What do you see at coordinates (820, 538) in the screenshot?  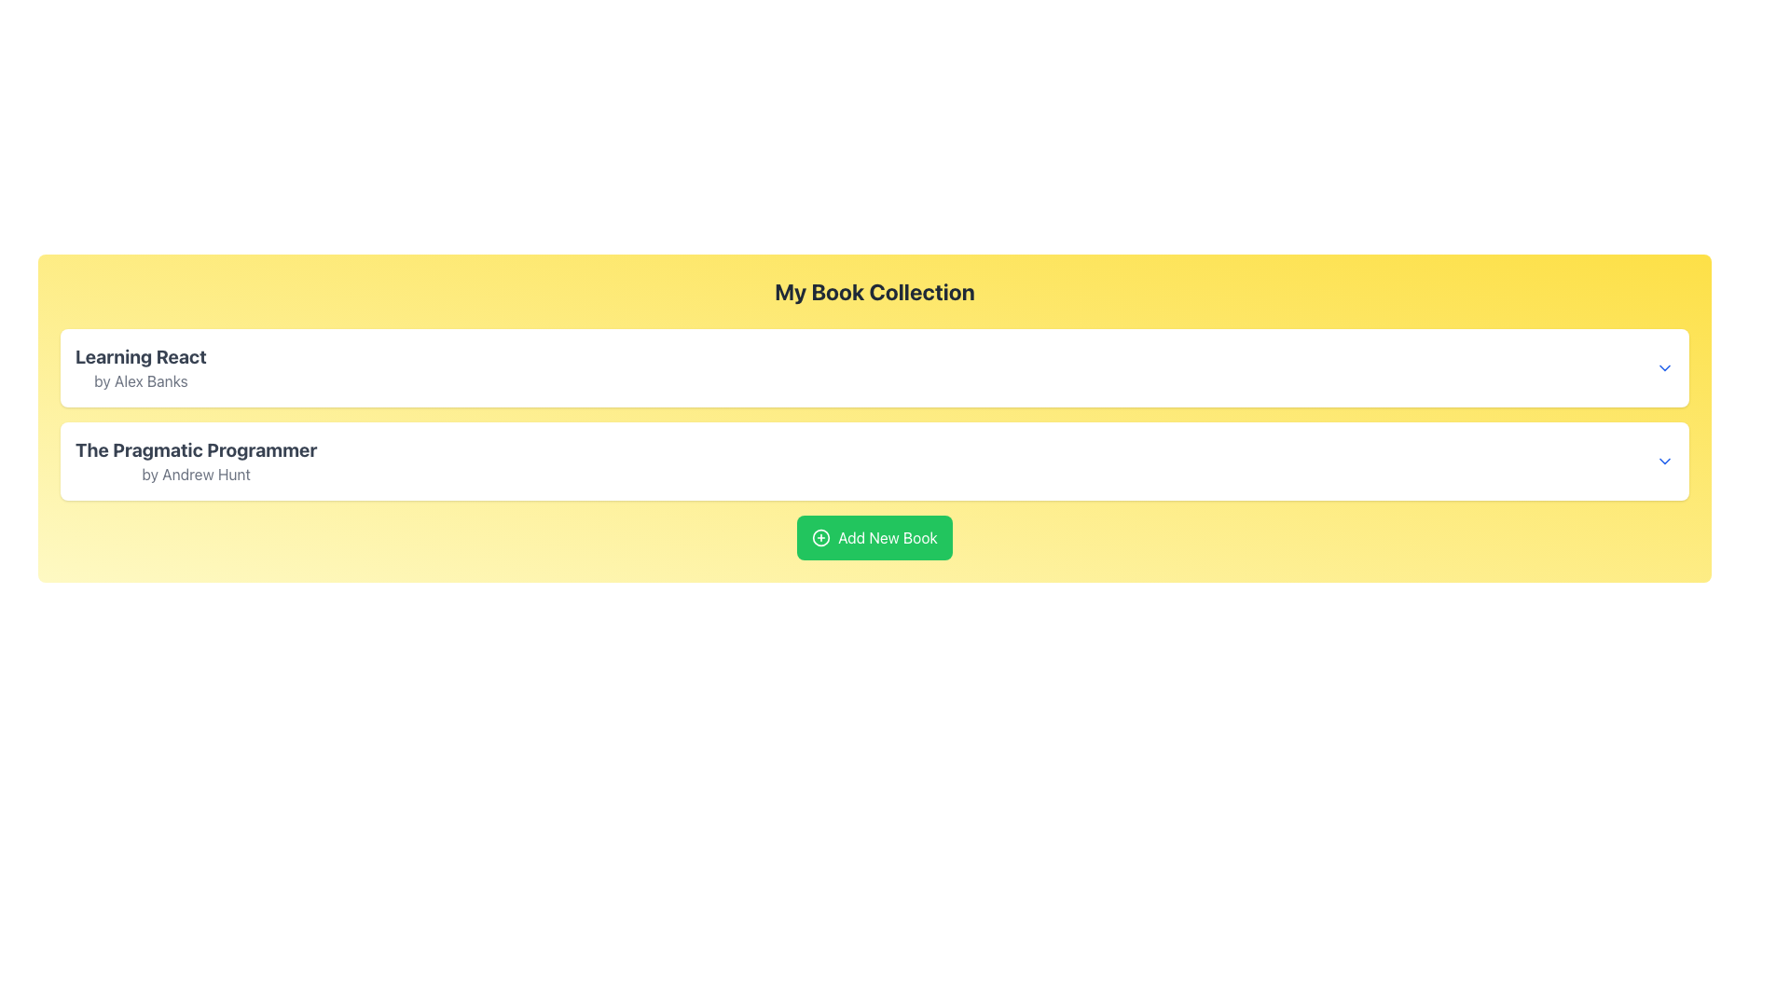 I see `the circular '+' icon located to the left of the 'Add New Book' button, which is vertically centered within it` at bounding box center [820, 538].